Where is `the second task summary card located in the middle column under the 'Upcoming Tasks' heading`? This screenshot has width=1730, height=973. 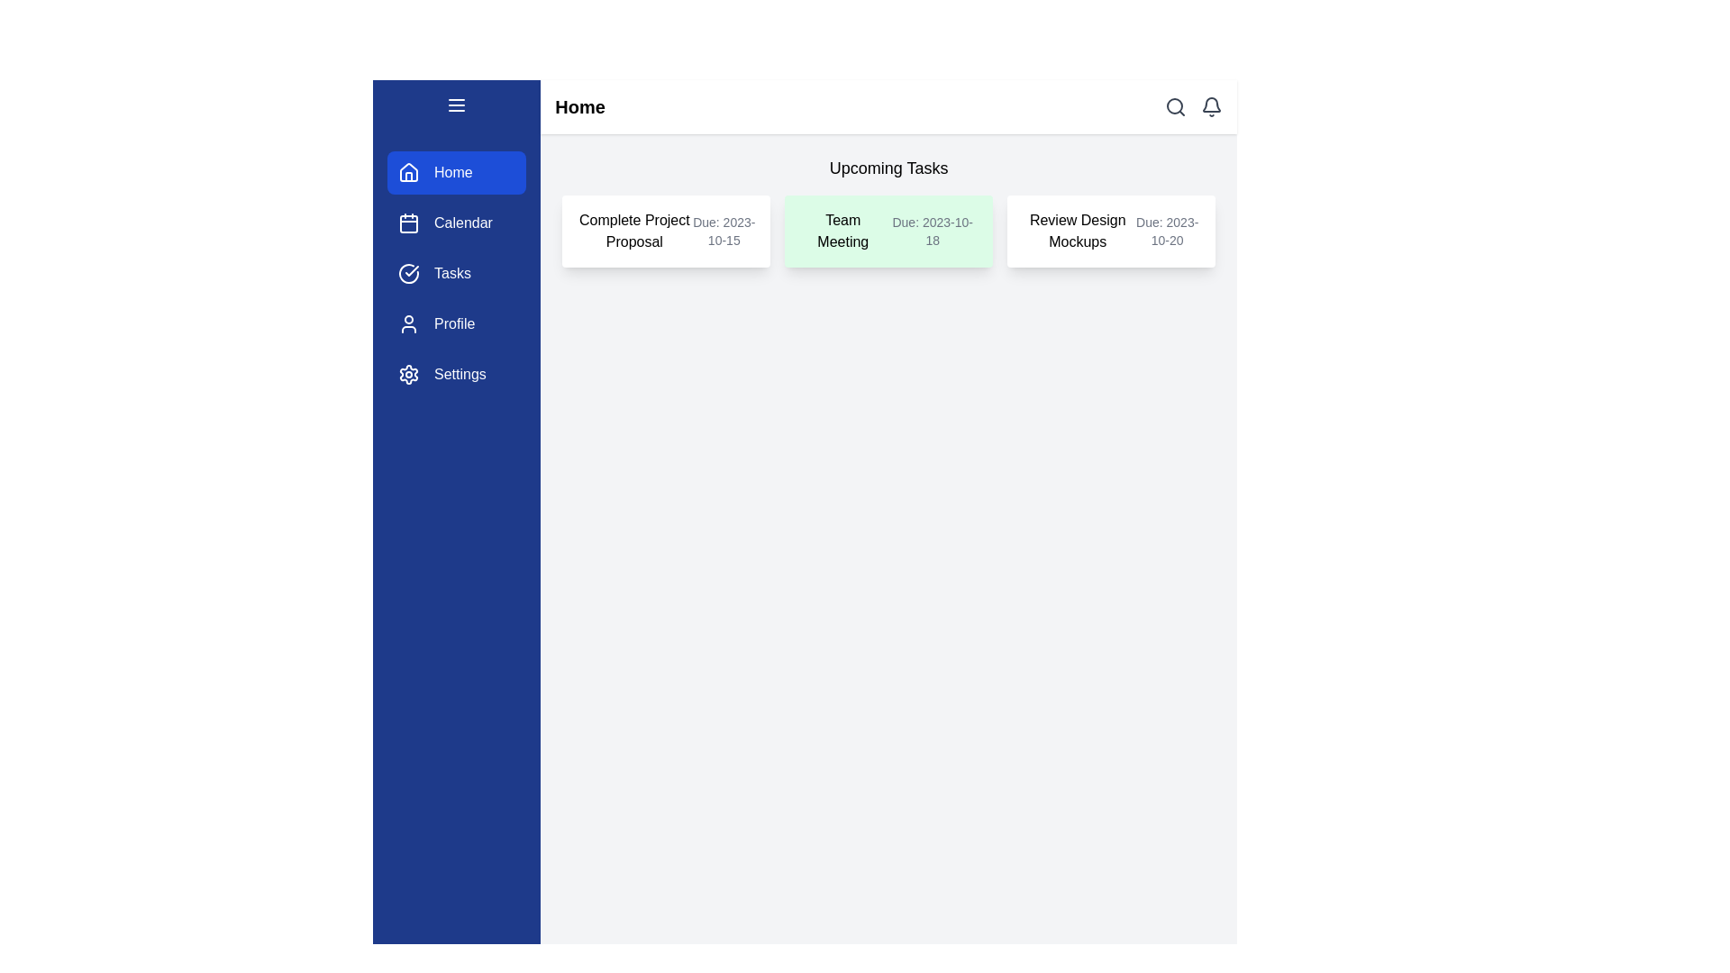
the second task summary card located in the middle column under the 'Upcoming Tasks' heading is located at coordinates (888, 231).